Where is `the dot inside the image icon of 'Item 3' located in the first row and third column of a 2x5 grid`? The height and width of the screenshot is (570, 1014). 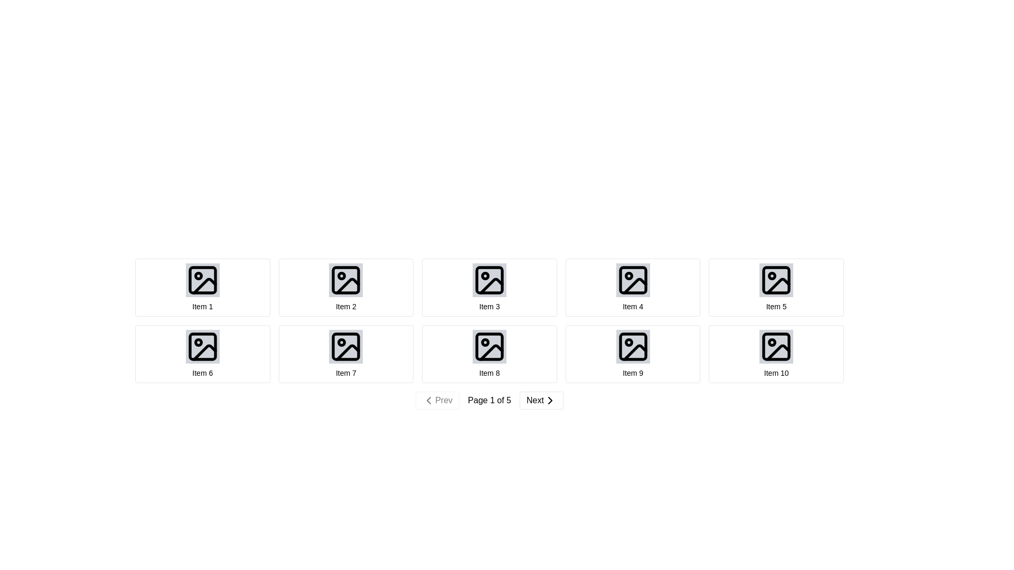 the dot inside the image icon of 'Item 3' located in the first row and third column of a 2x5 grid is located at coordinates (484, 275).